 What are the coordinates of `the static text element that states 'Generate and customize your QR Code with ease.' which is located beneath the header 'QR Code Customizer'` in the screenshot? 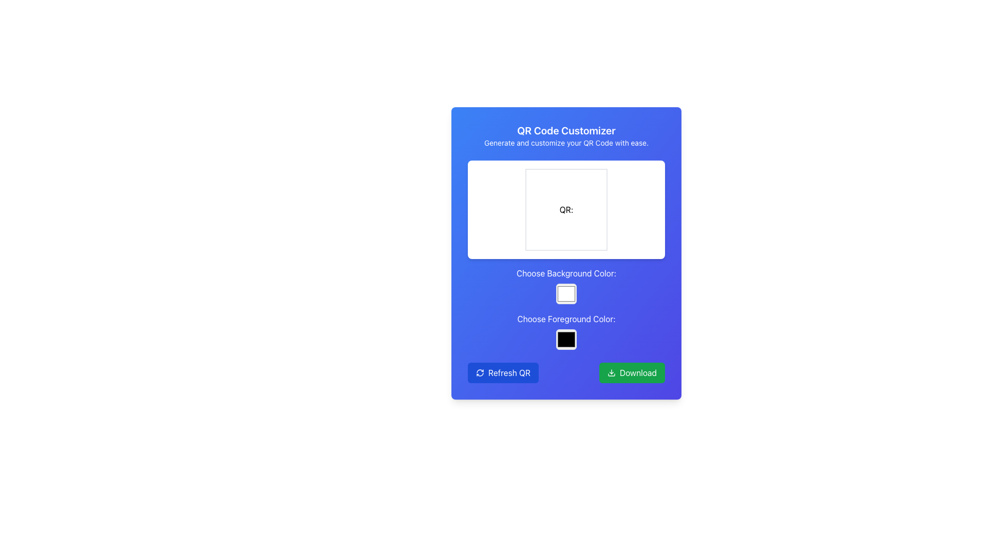 It's located at (566, 143).